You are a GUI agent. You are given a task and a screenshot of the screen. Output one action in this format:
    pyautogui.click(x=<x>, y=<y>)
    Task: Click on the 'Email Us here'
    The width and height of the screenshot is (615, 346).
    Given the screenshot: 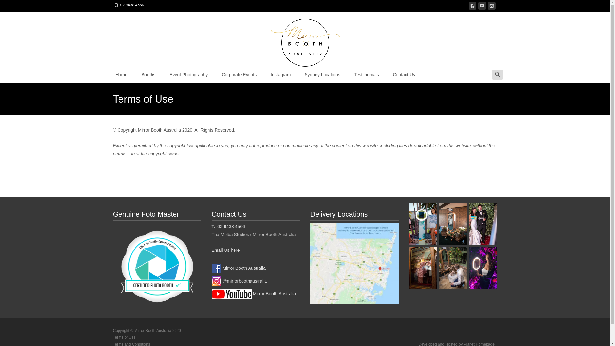 What is the action you would take?
    pyautogui.click(x=225, y=250)
    